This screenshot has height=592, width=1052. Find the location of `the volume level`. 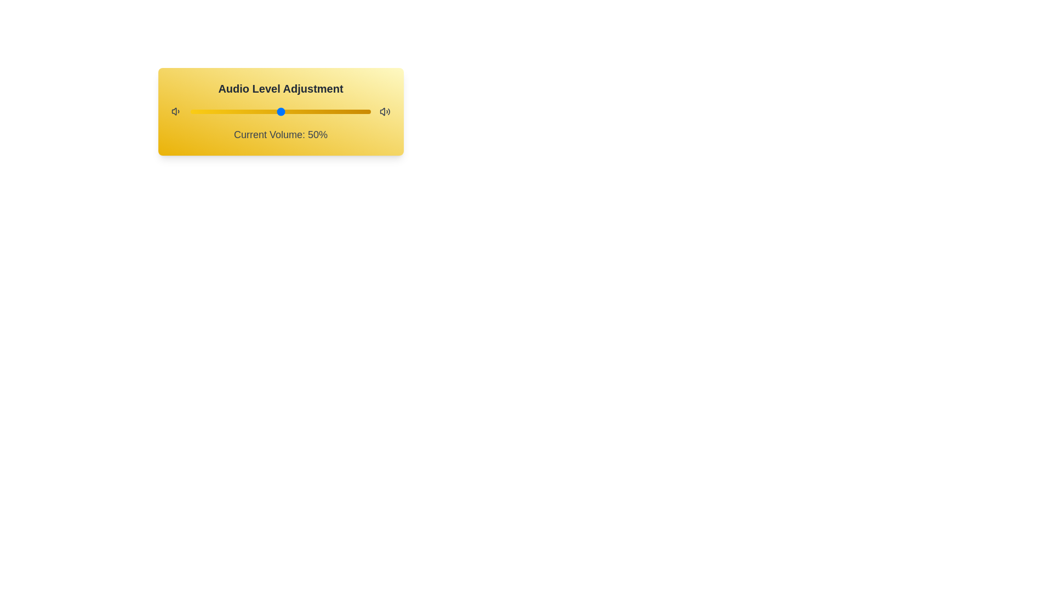

the volume level is located at coordinates (312, 112).